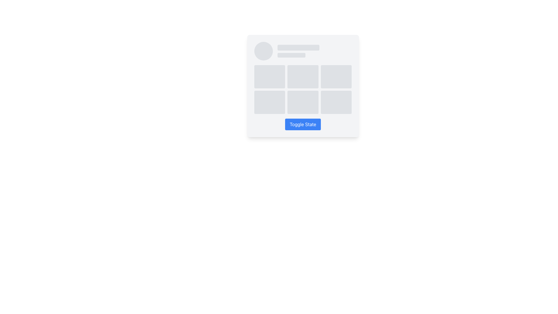 The height and width of the screenshot is (314, 558). I want to click on the Placeholder component, which is a light gray rectangular block with rounded corners, positioned as the second item in the first row of a 3x2 grid layout, so click(303, 76).